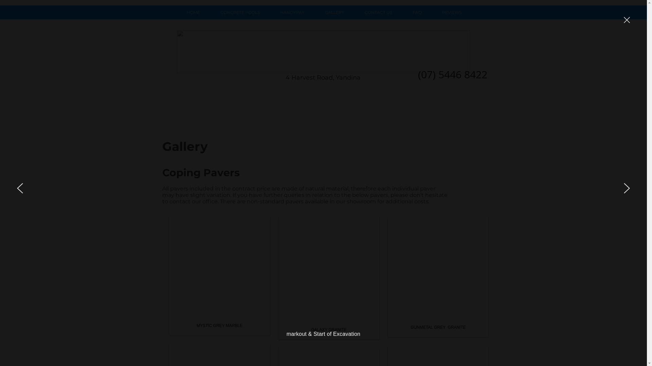 The width and height of the screenshot is (652, 366). What do you see at coordinates (269, 12) in the screenshot?
I see `'HANDYPAY'` at bounding box center [269, 12].